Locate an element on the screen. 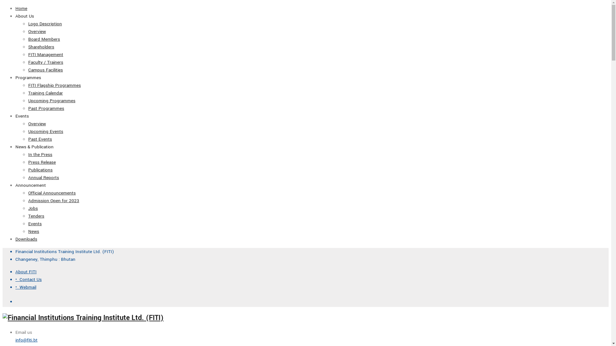  'Logo Description' is located at coordinates (45, 23).